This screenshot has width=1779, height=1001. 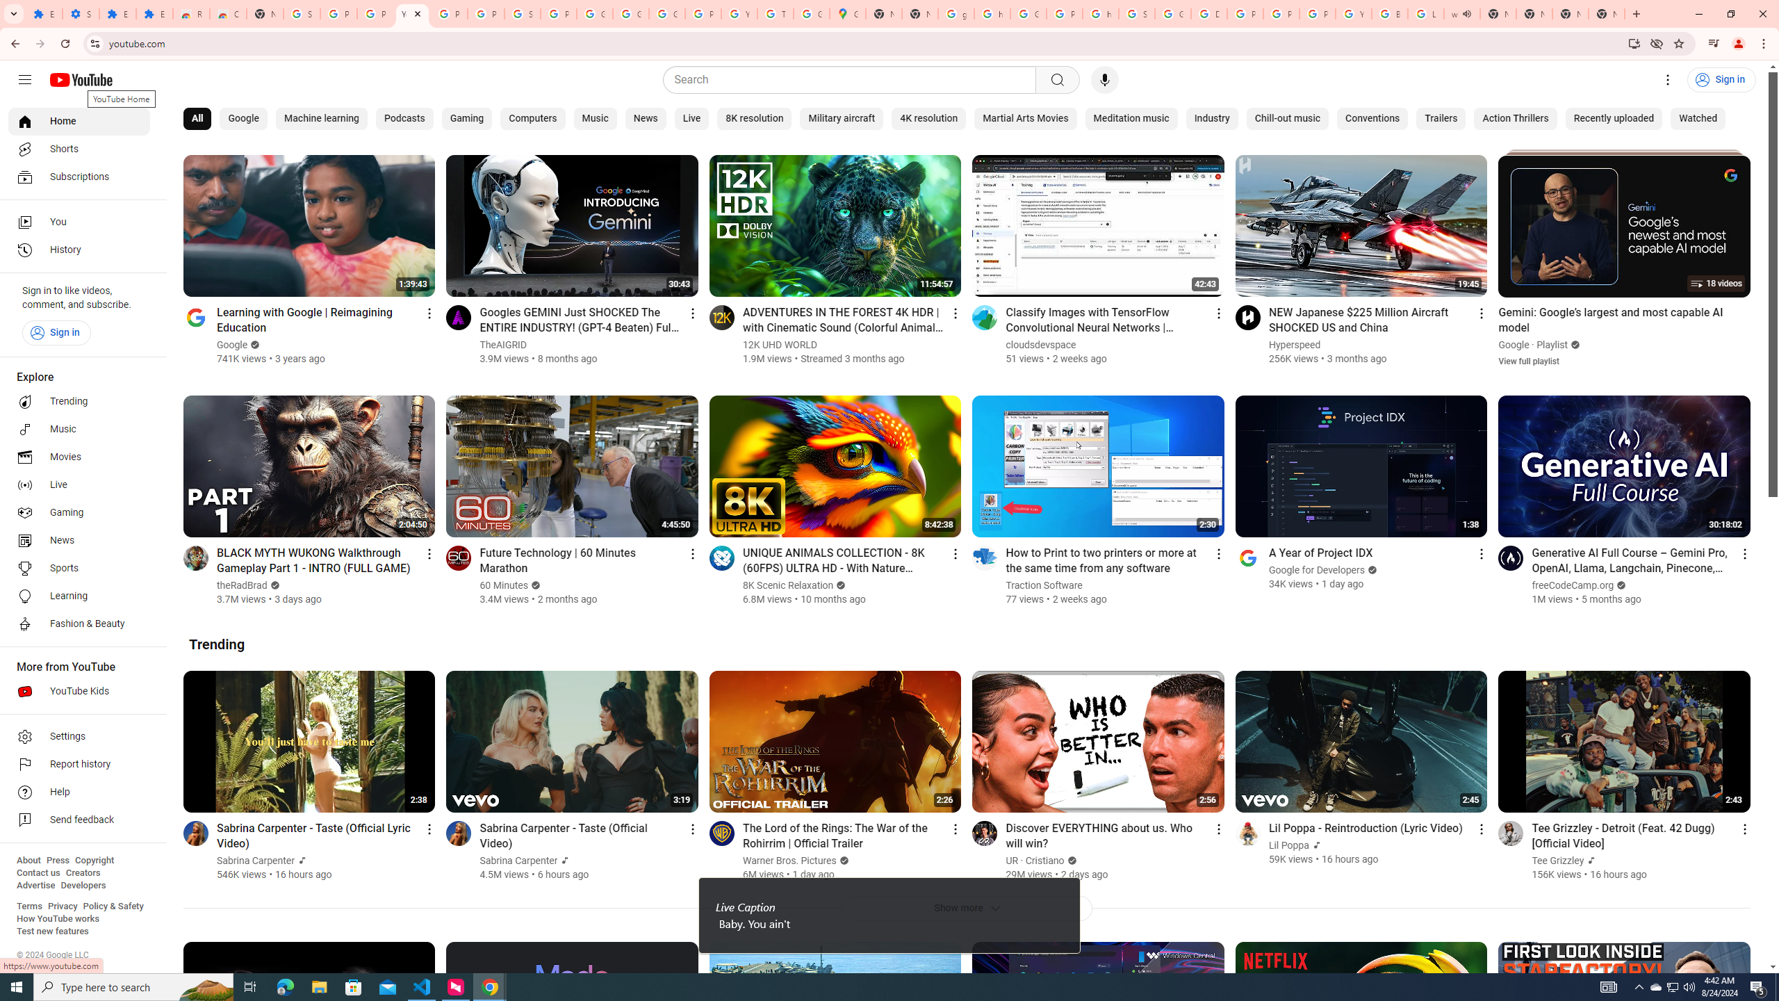 What do you see at coordinates (35, 884) in the screenshot?
I see `'Advertise'` at bounding box center [35, 884].